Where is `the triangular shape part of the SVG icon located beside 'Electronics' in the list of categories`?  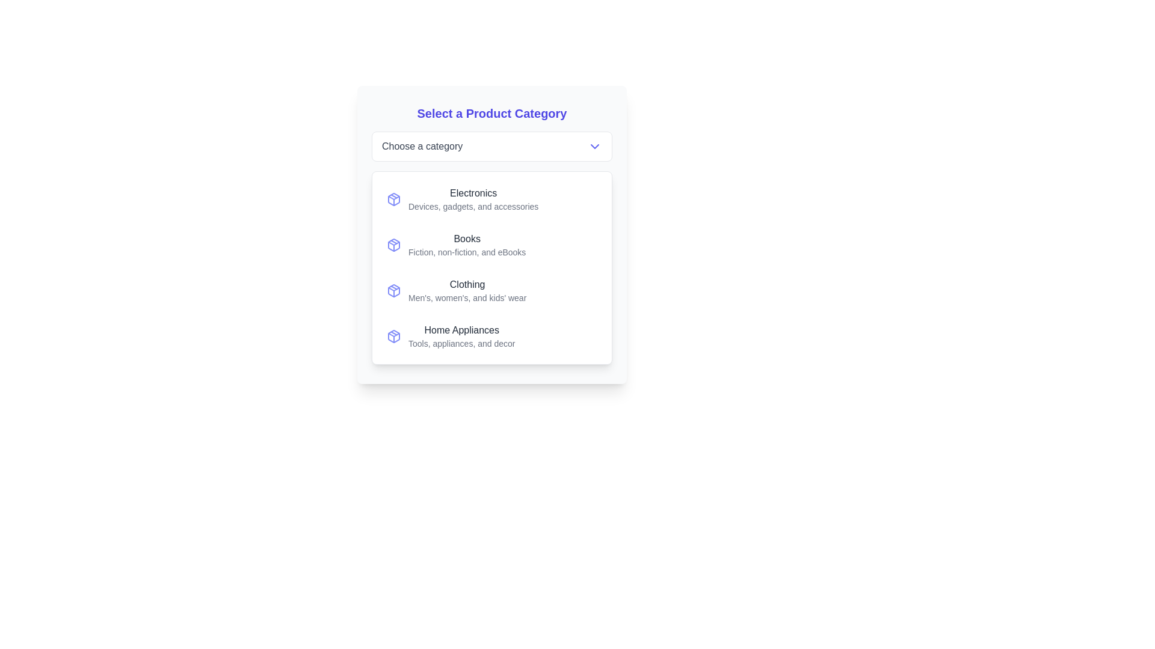
the triangular shape part of the SVG icon located beside 'Electronics' in the list of categories is located at coordinates (393, 197).